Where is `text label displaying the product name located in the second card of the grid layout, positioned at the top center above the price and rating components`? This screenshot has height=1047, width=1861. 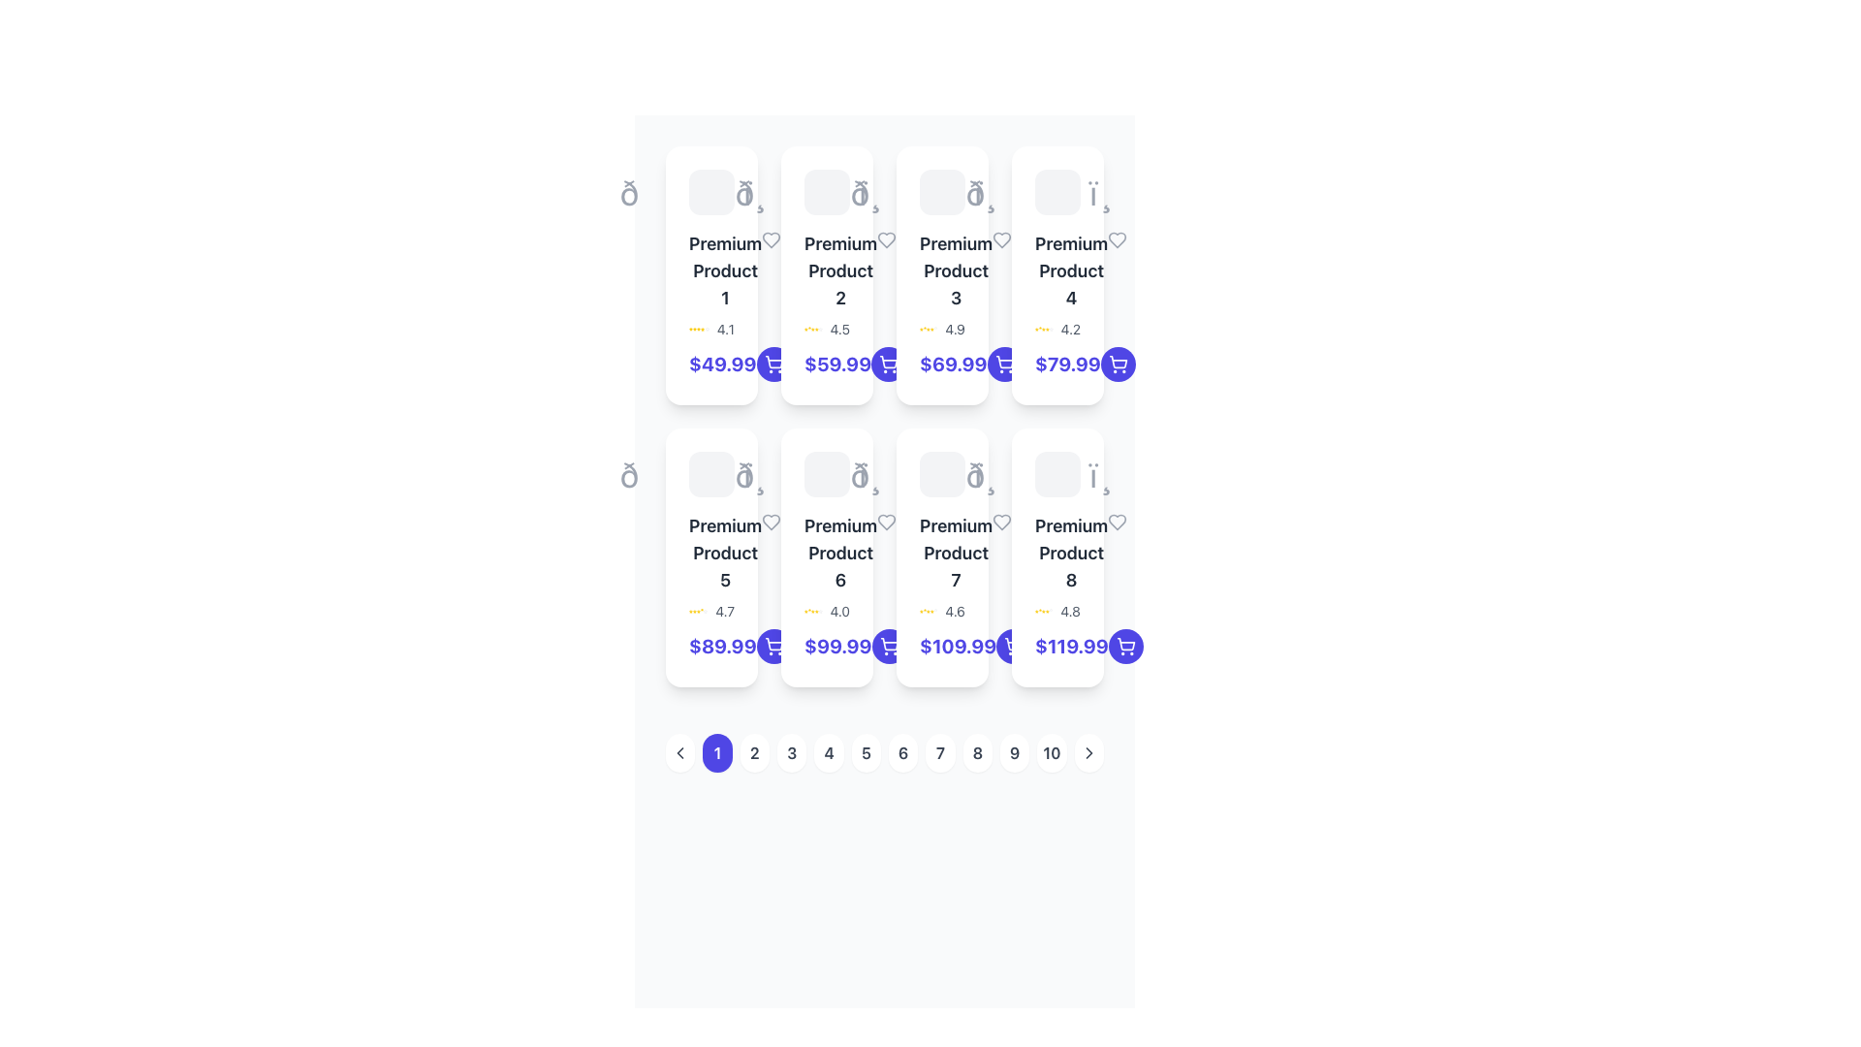
text label displaying the product name located in the second card of the grid layout, positioned at the top center above the price and rating components is located at coordinates (840, 271).